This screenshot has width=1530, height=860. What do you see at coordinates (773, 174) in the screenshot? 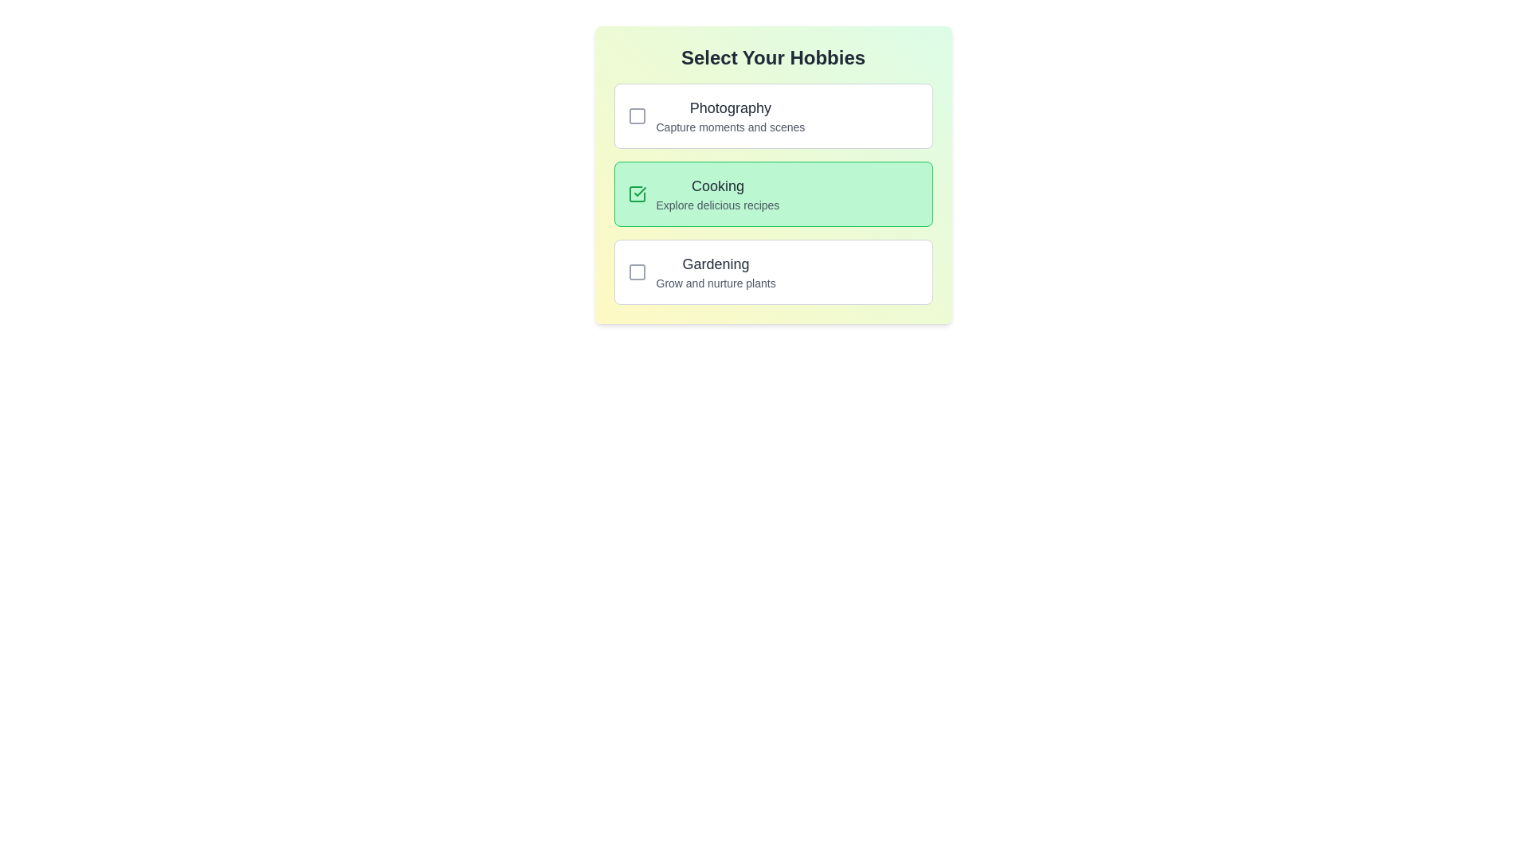
I see `the checkbox for the hobby 'Cooking'` at bounding box center [773, 174].